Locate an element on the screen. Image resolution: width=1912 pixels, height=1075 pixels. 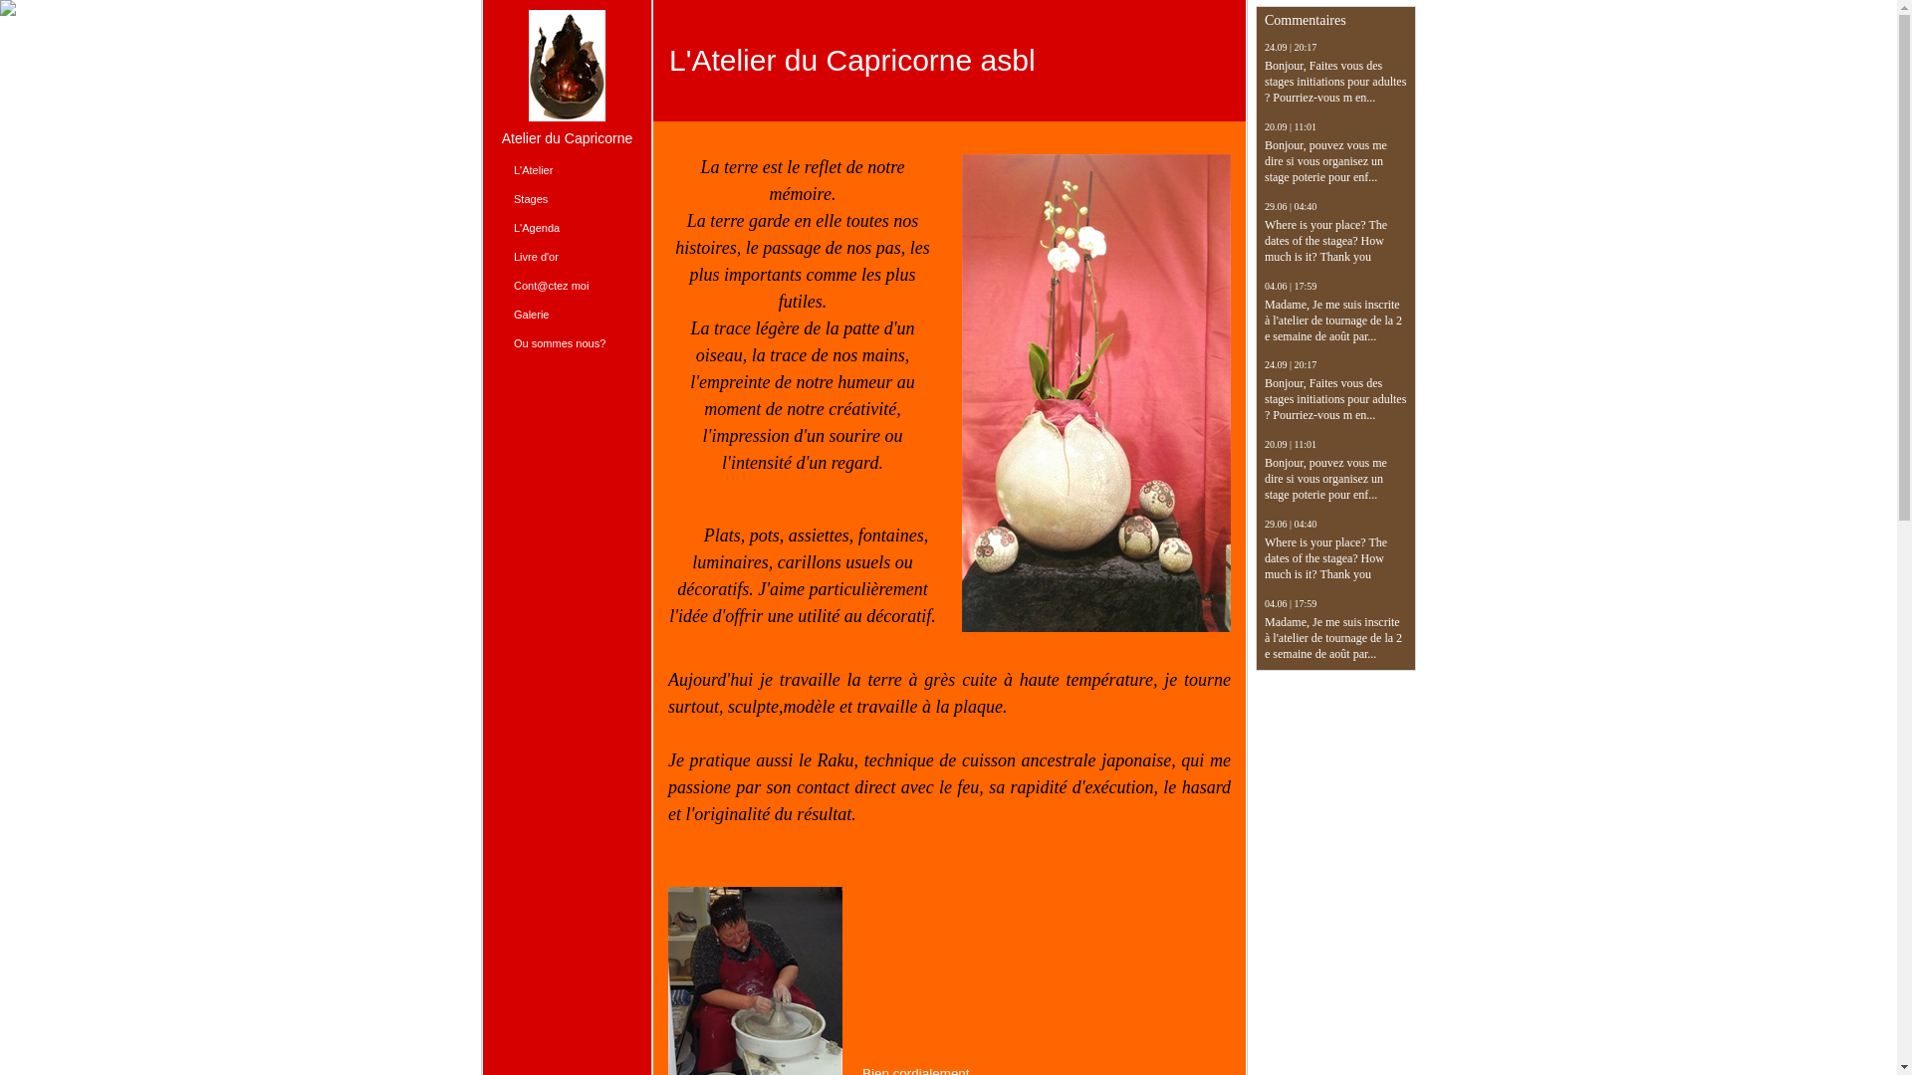
'Galerie' is located at coordinates (566, 314).